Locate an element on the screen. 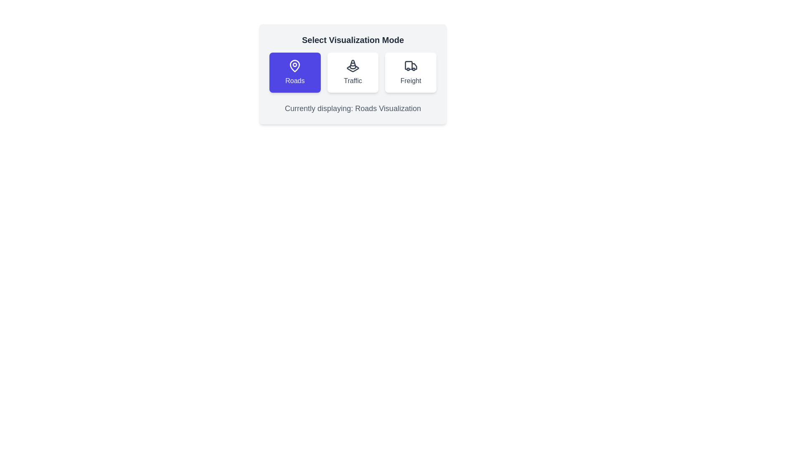  the button labeled Roads to observe the hover effect is located at coordinates (294, 72).